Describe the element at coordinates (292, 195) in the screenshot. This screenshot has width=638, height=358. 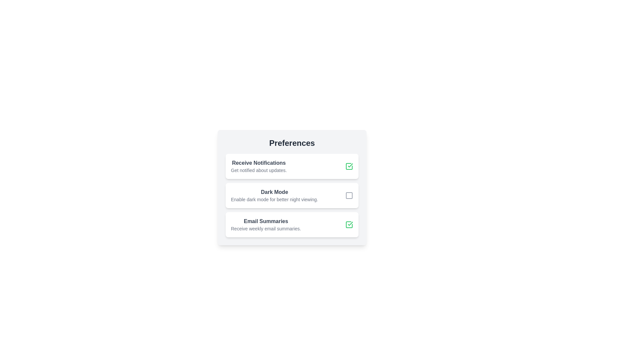
I see `the 'Dark Mode' toggleable option with a checkbox` at that location.